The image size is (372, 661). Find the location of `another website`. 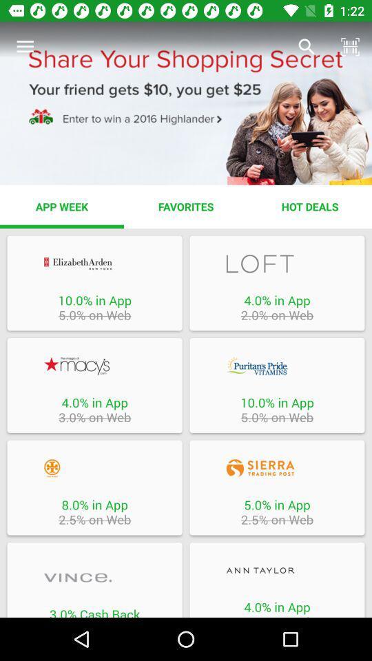

another website is located at coordinates (94, 365).